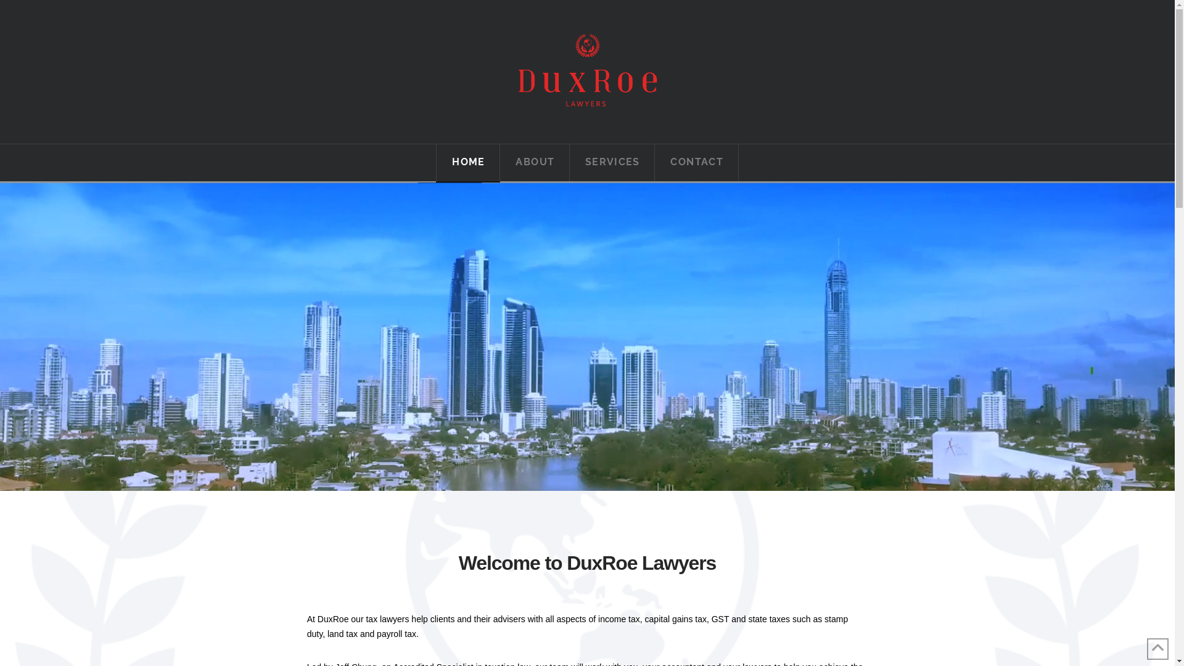 This screenshot has height=666, width=1184. Describe the element at coordinates (535, 162) in the screenshot. I see `'ABOUT'` at that location.